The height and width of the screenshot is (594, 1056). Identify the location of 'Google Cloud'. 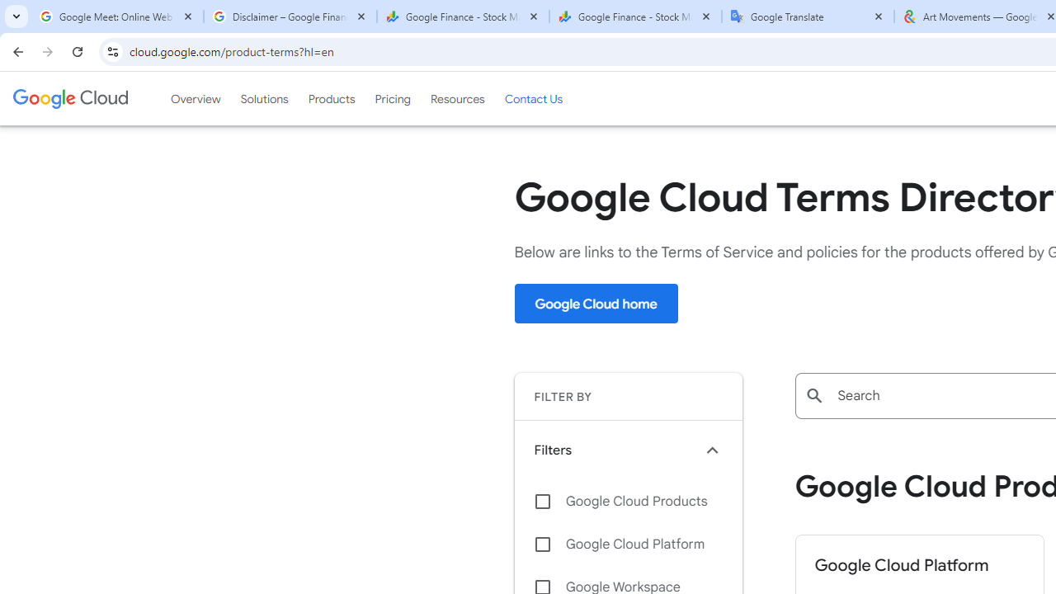
(69, 98).